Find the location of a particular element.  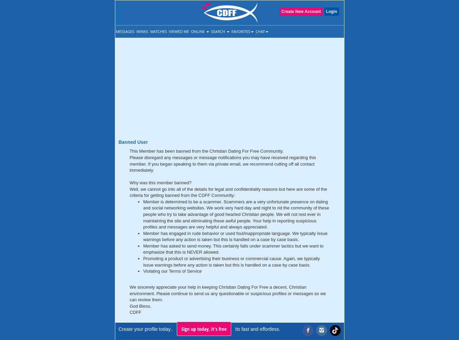

'CDFF' is located at coordinates (129, 312).